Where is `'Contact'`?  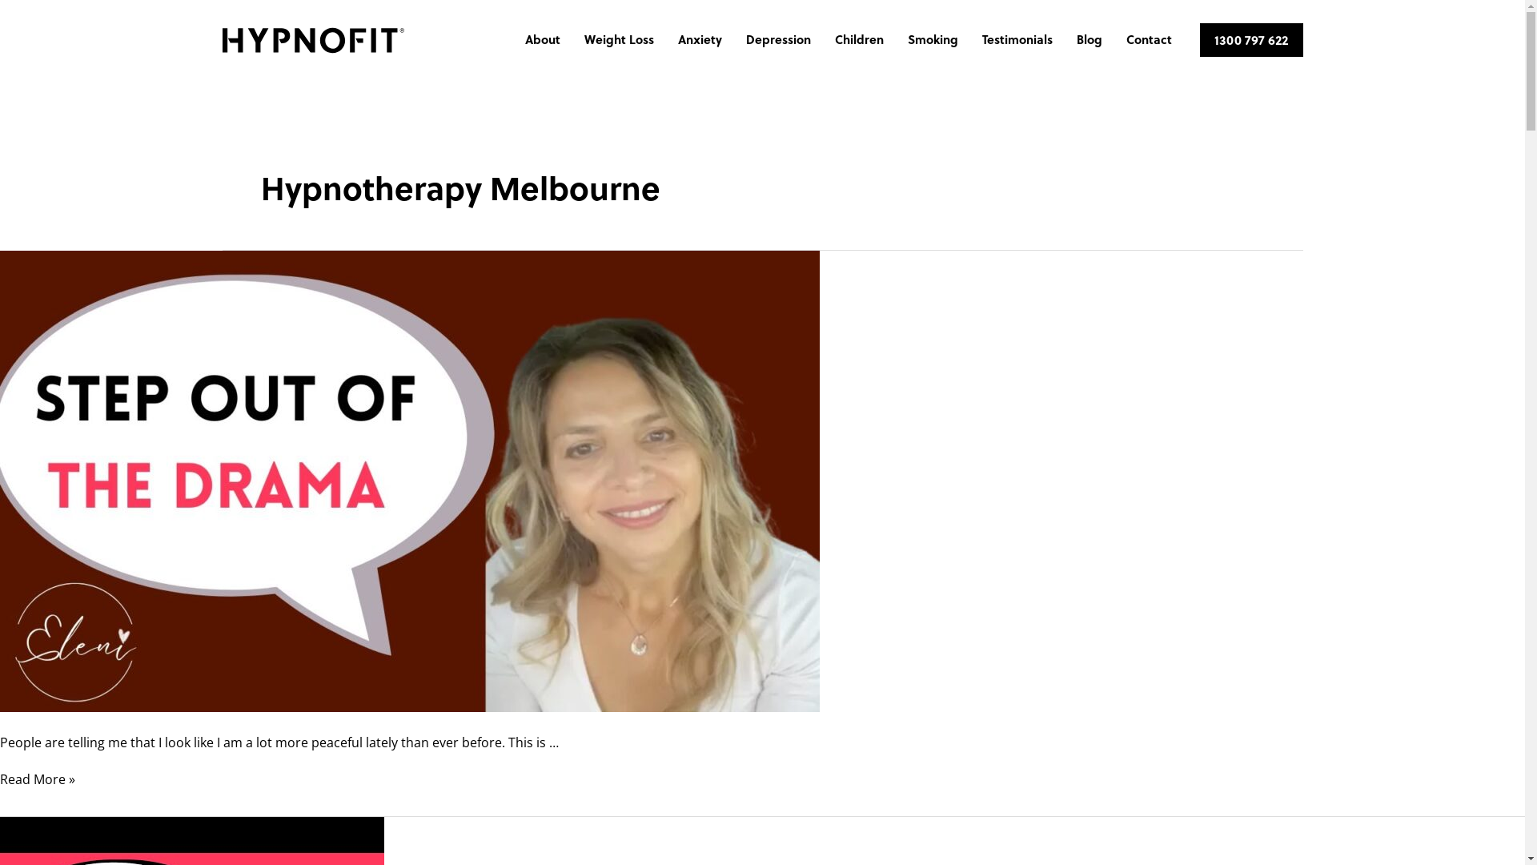
'Contact' is located at coordinates (1148, 39).